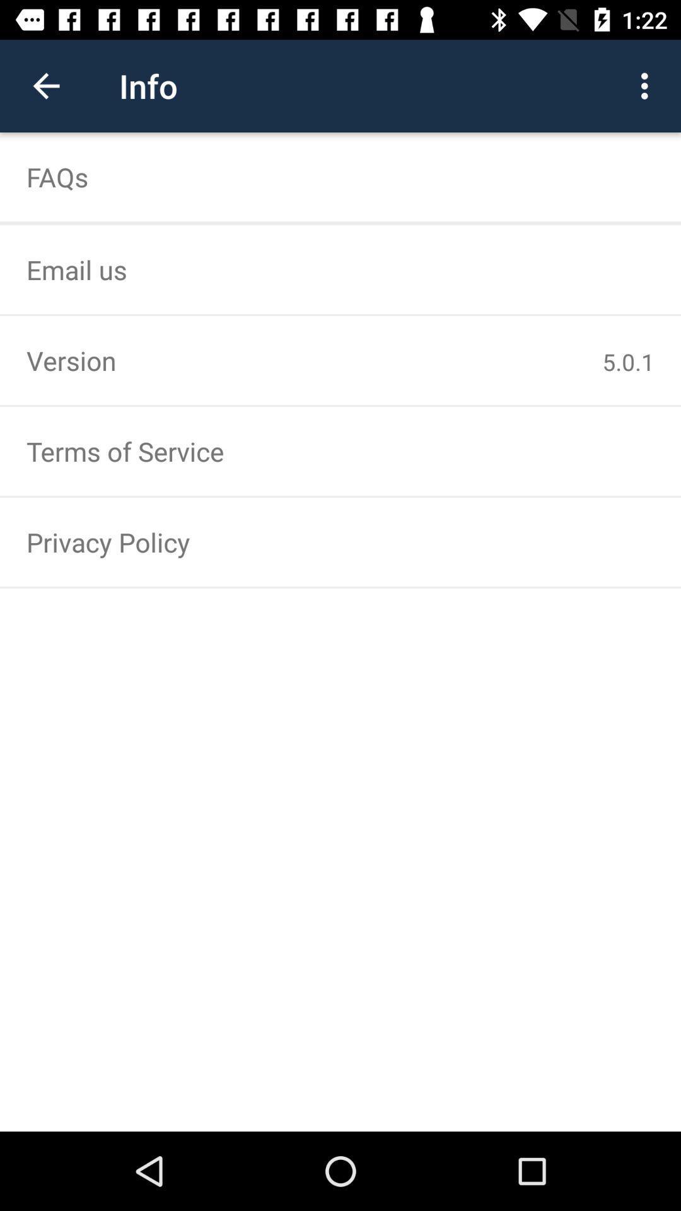 The height and width of the screenshot is (1211, 681). What do you see at coordinates (340, 176) in the screenshot?
I see `faqs item` at bounding box center [340, 176].